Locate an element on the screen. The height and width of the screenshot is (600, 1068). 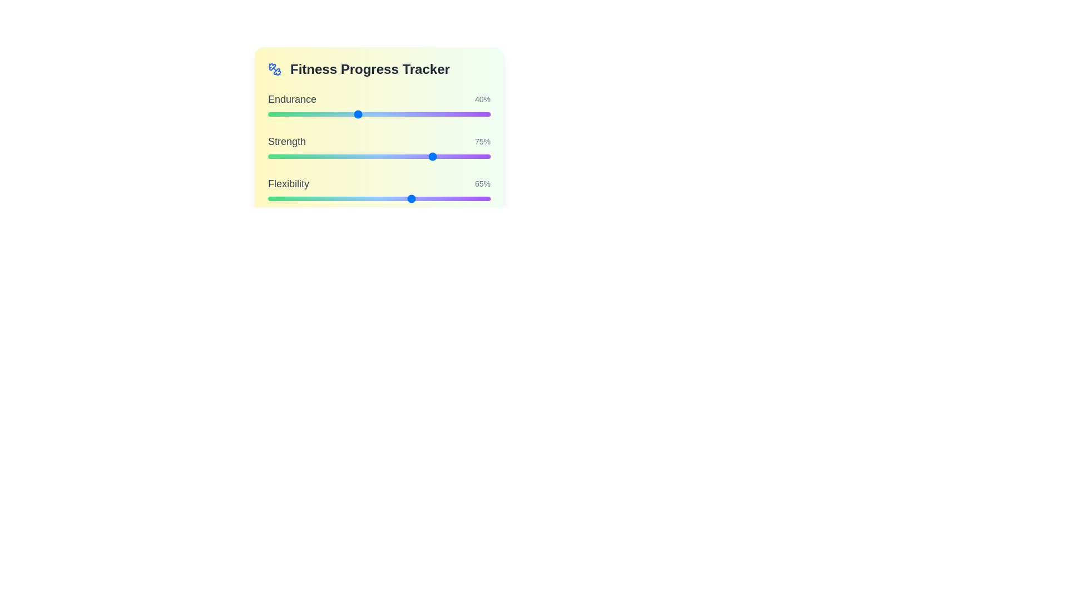
the 'Strength' progress bar at 75% is located at coordinates (379, 147).